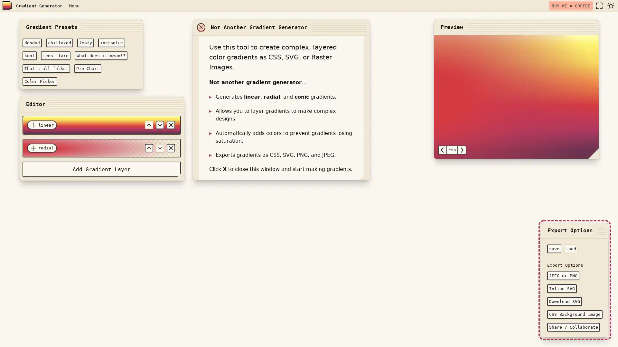  What do you see at coordinates (85, 43) in the screenshot?
I see `leafy` at bounding box center [85, 43].